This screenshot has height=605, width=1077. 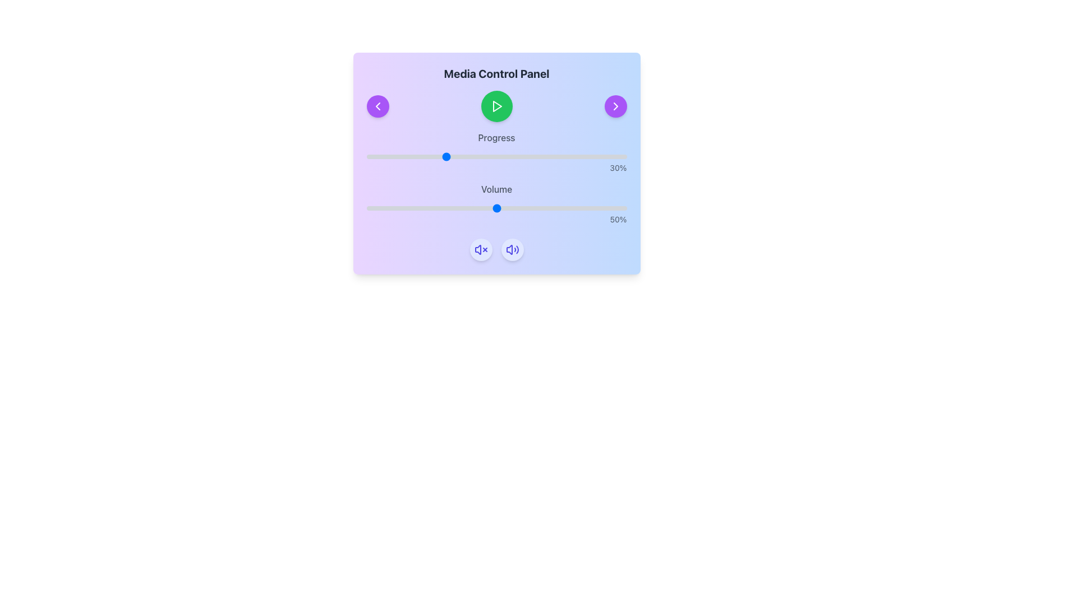 What do you see at coordinates (398, 157) in the screenshot?
I see `progress` at bounding box center [398, 157].